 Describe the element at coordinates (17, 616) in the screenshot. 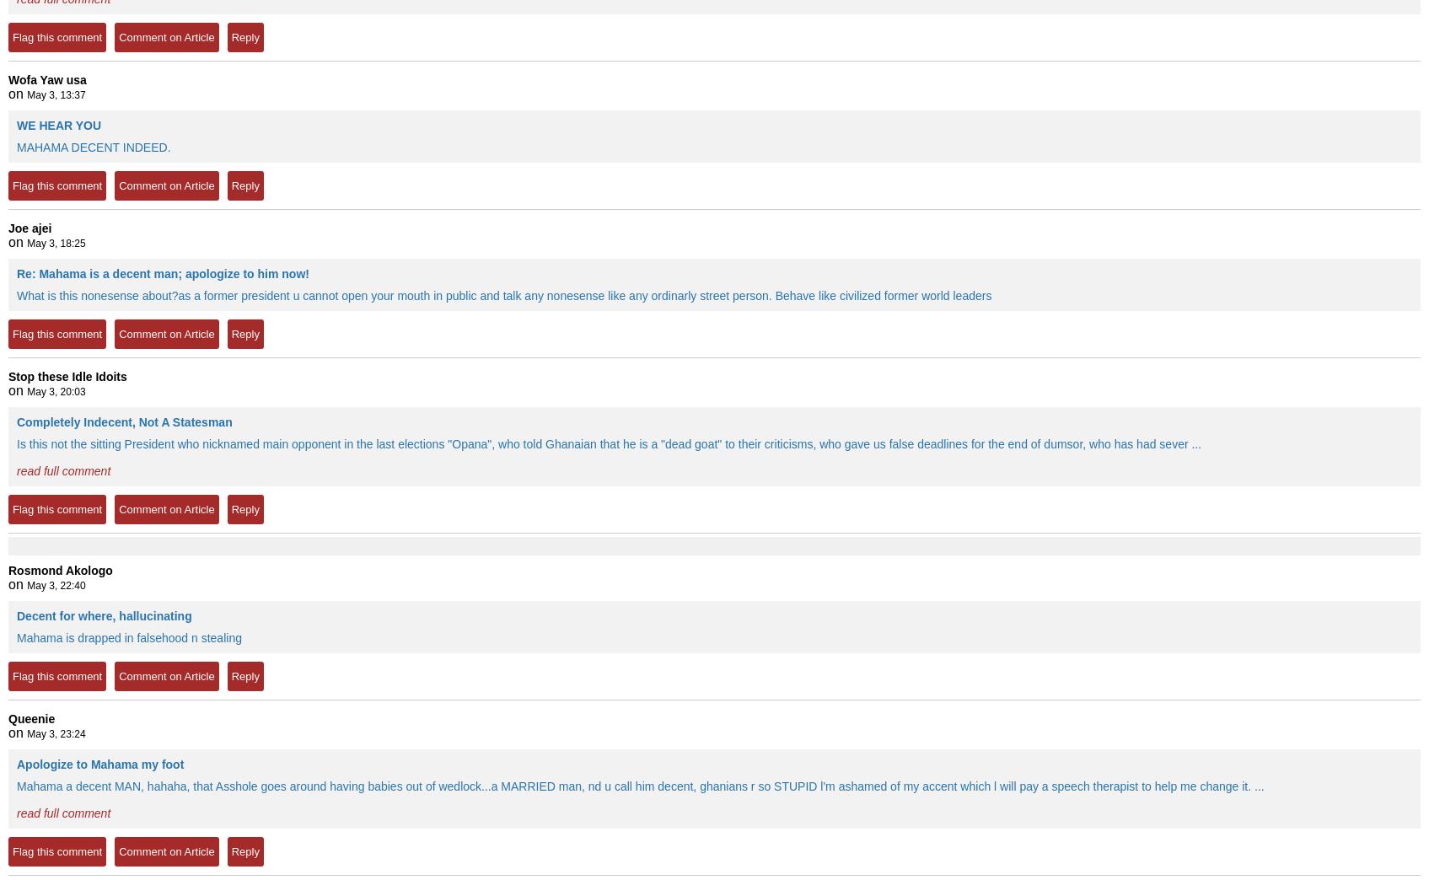

I see `'Decent for where, hallucinating'` at that location.